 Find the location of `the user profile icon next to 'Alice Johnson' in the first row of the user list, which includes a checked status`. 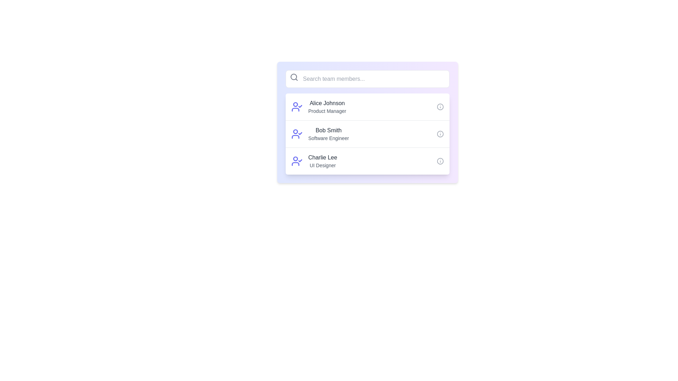

the user profile icon next to 'Alice Johnson' in the first row of the user list, which includes a checked status is located at coordinates (295, 110).